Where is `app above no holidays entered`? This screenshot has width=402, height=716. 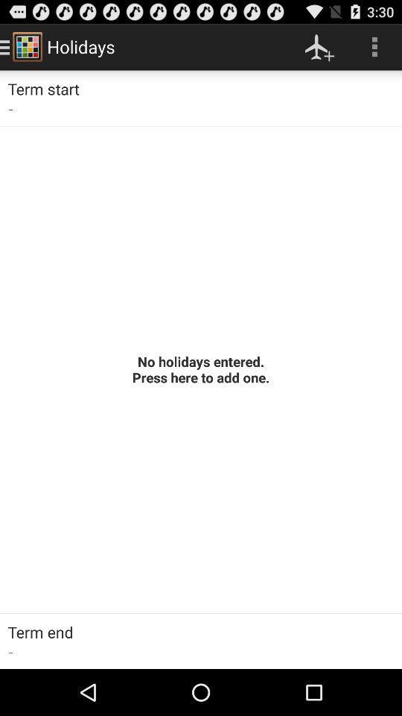
app above no holidays entered is located at coordinates (319, 46).